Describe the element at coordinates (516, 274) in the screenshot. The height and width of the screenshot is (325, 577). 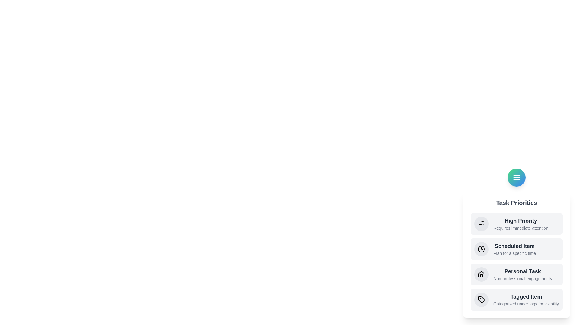
I see `the priority item Personal Task to read its description` at that location.